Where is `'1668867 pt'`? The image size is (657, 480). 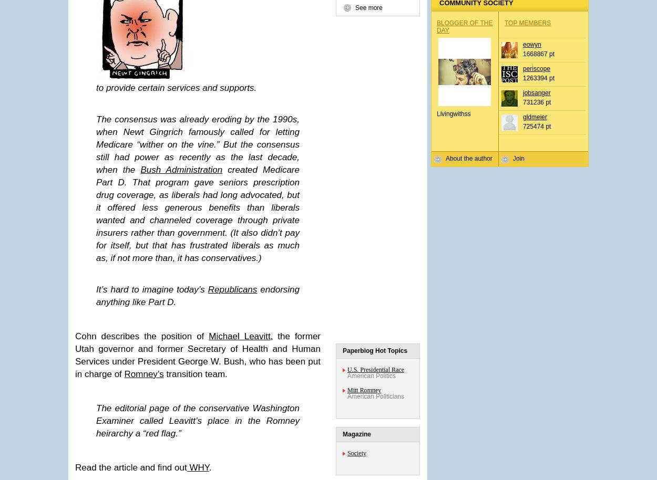
'1668867 pt' is located at coordinates (522, 54).